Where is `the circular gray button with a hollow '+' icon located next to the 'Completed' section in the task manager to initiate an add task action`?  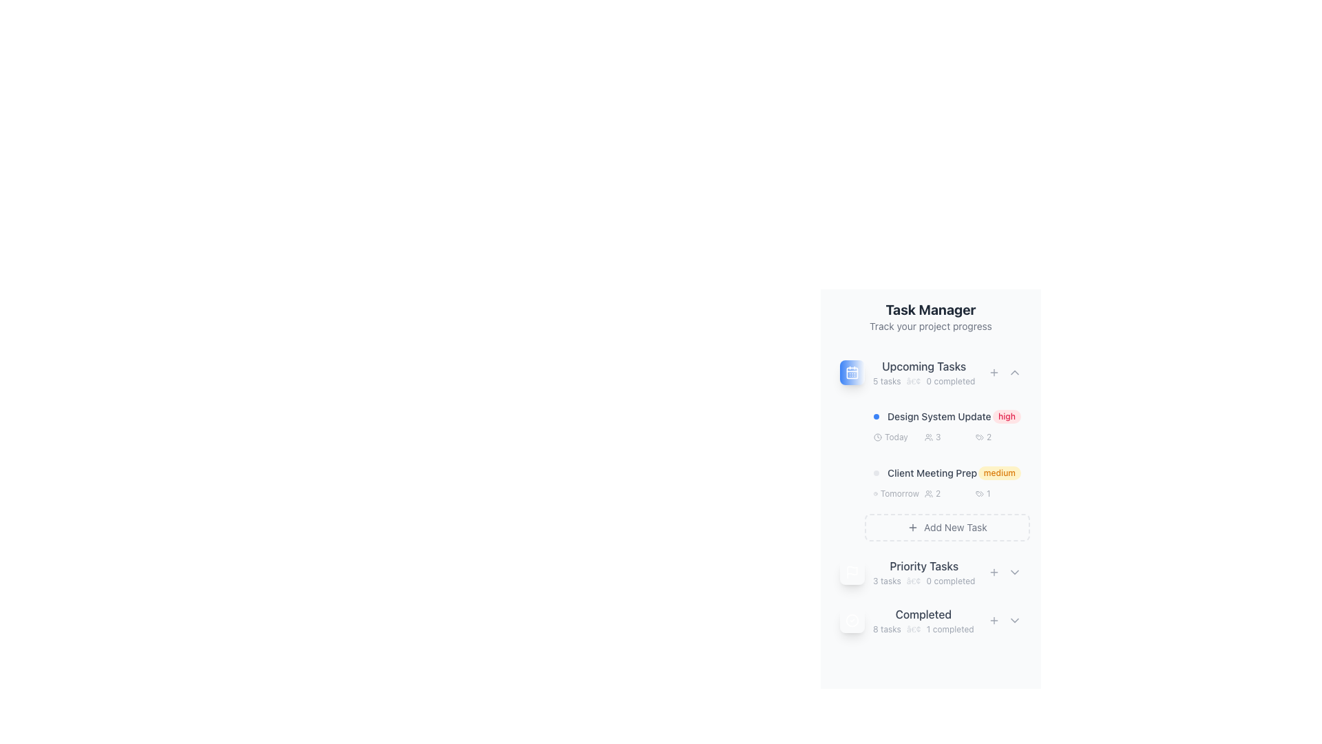 the circular gray button with a hollow '+' icon located next to the 'Completed' section in the task manager to initiate an add task action is located at coordinates (994, 621).